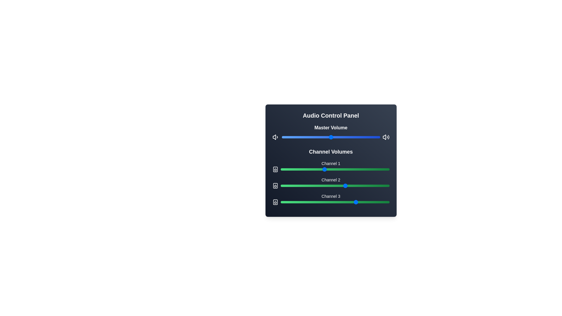 This screenshot has width=562, height=316. Describe the element at coordinates (384, 137) in the screenshot. I see `the mute sound icon located near the top-right corner of the 'Master Volume' section` at that location.